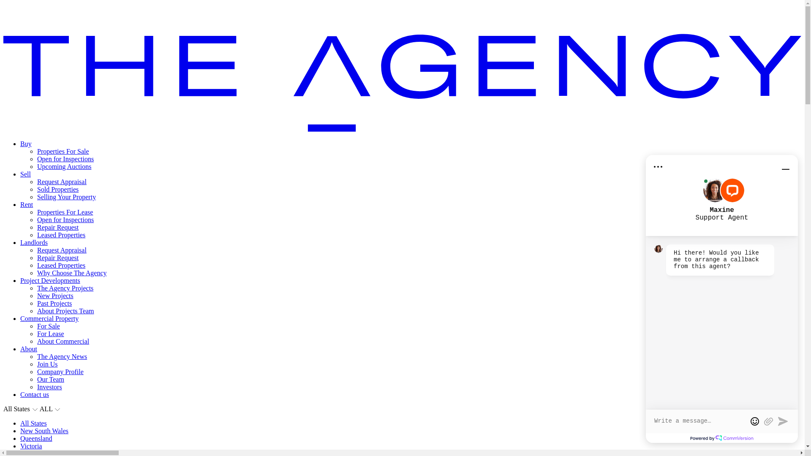 This screenshot has height=456, width=811. Describe the element at coordinates (64, 166) in the screenshot. I see `'Upcoming Auctions'` at that location.